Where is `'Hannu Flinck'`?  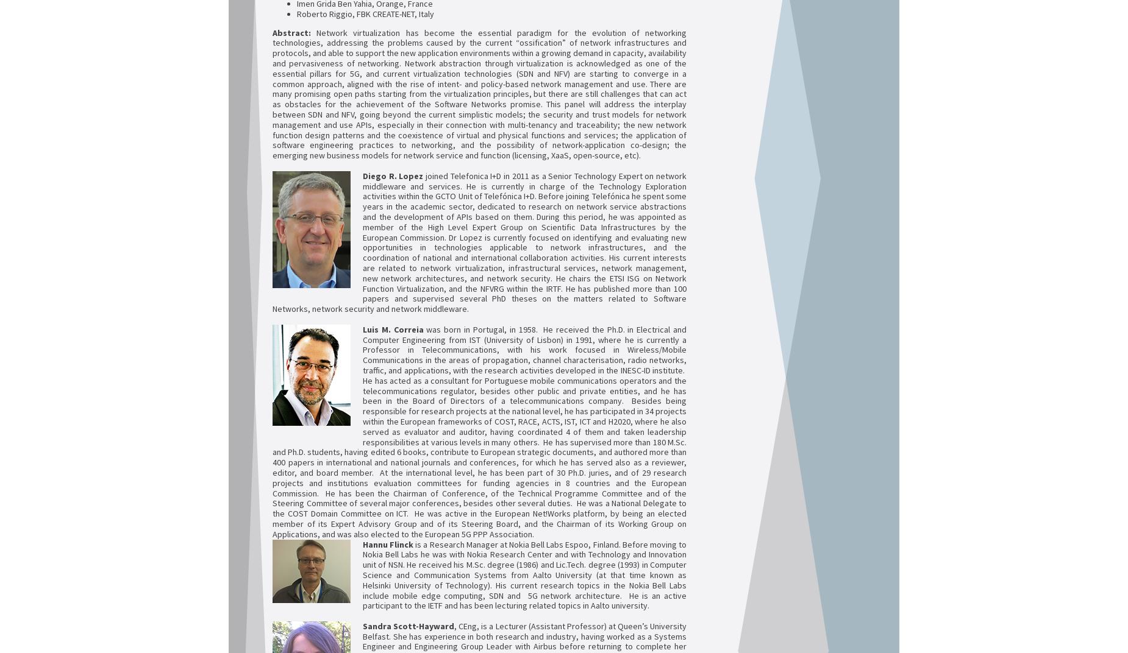 'Hannu Flinck' is located at coordinates (362, 543).